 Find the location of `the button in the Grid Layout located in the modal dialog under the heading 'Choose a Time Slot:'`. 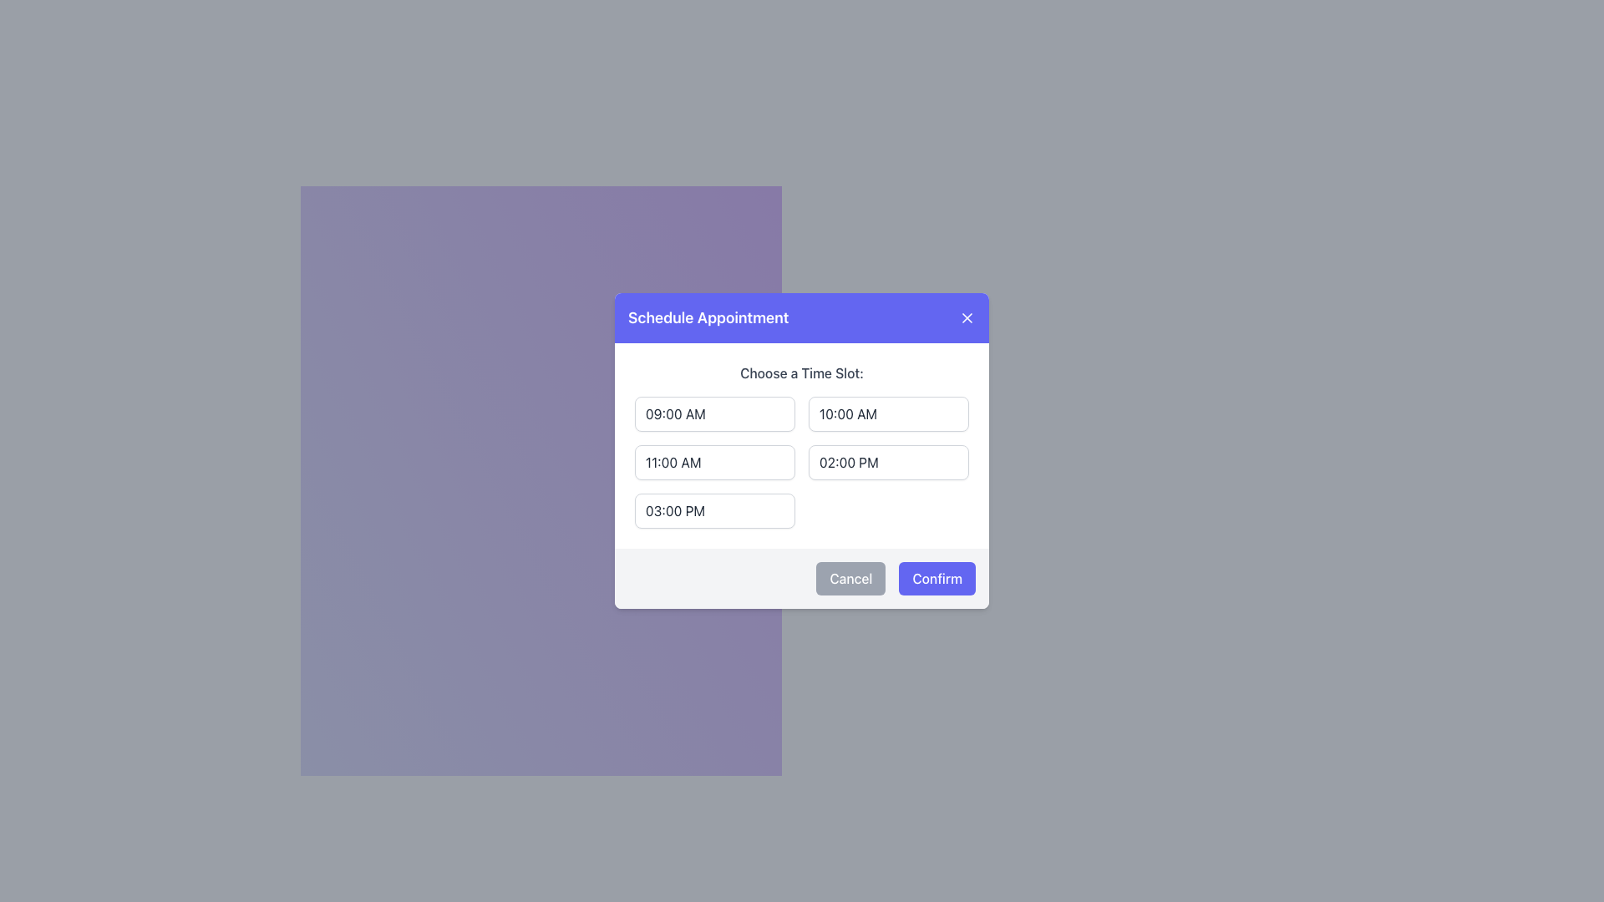

the button in the Grid Layout located in the modal dialog under the heading 'Choose a Time Slot:' is located at coordinates (802, 463).